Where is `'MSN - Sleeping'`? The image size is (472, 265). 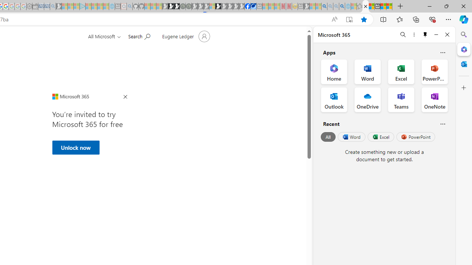
'MSN - Sleeping' is located at coordinates (306, 6).